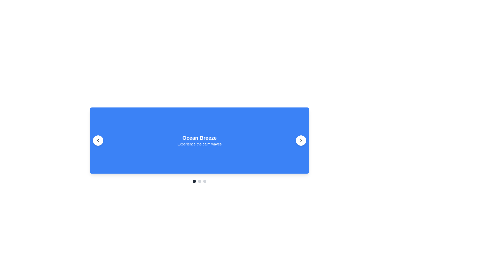 The height and width of the screenshot is (279, 497). What do you see at coordinates (98, 140) in the screenshot?
I see `the chevron arrow icon located at the left edge of the blue card labeled 'Ocean Breeze'` at bounding box center [98, 140].